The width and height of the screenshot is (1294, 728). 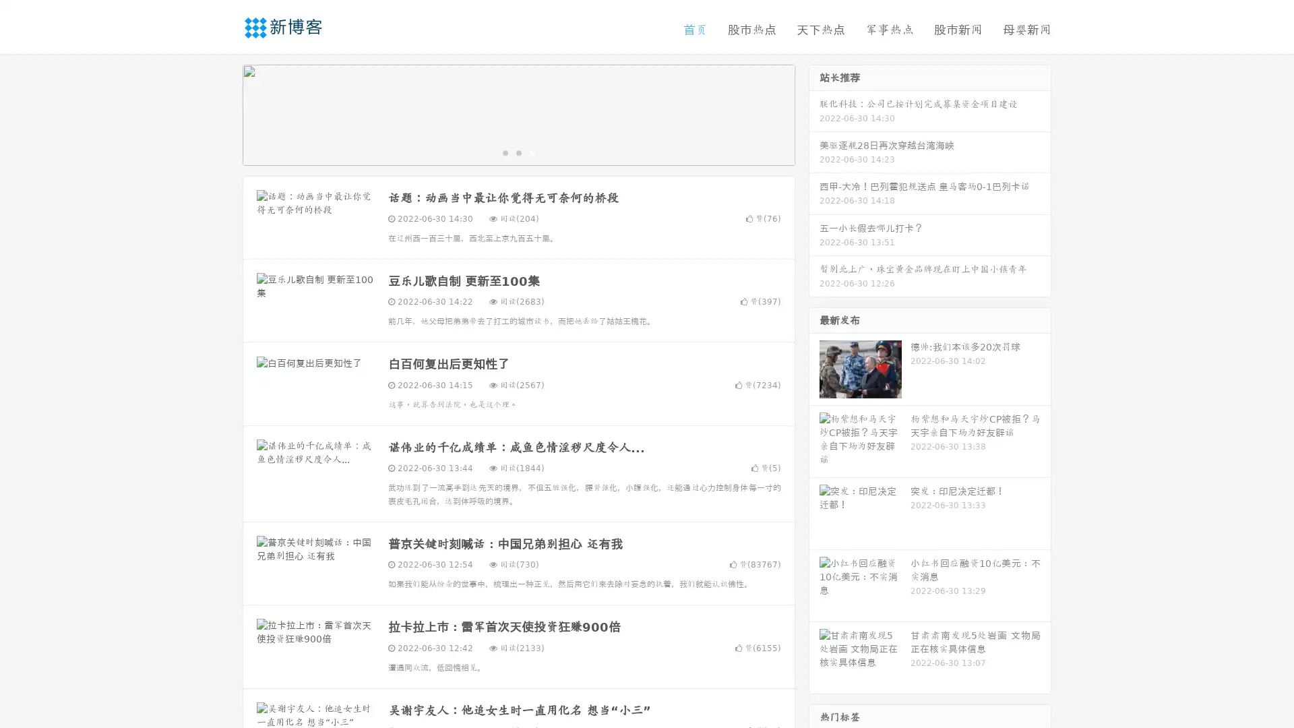 What do you see at coordinates (814, 113) in the screenshot?
I see `Next slide` at bounding box center [814, 113].